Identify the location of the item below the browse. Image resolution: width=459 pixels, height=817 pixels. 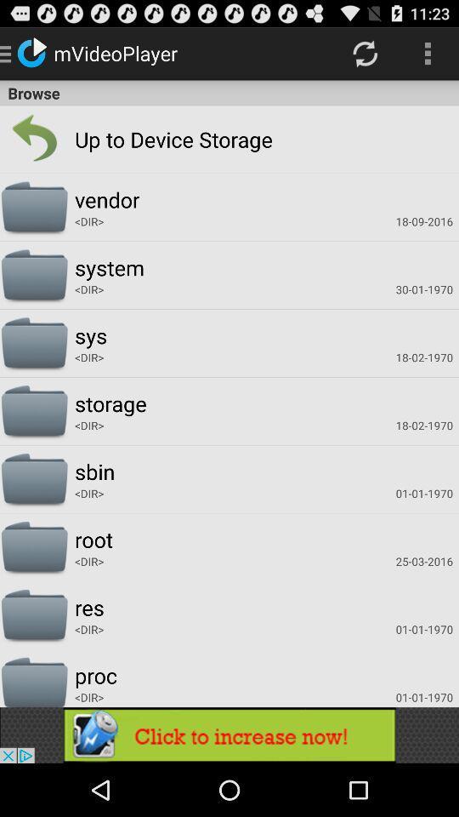
(34, 138).